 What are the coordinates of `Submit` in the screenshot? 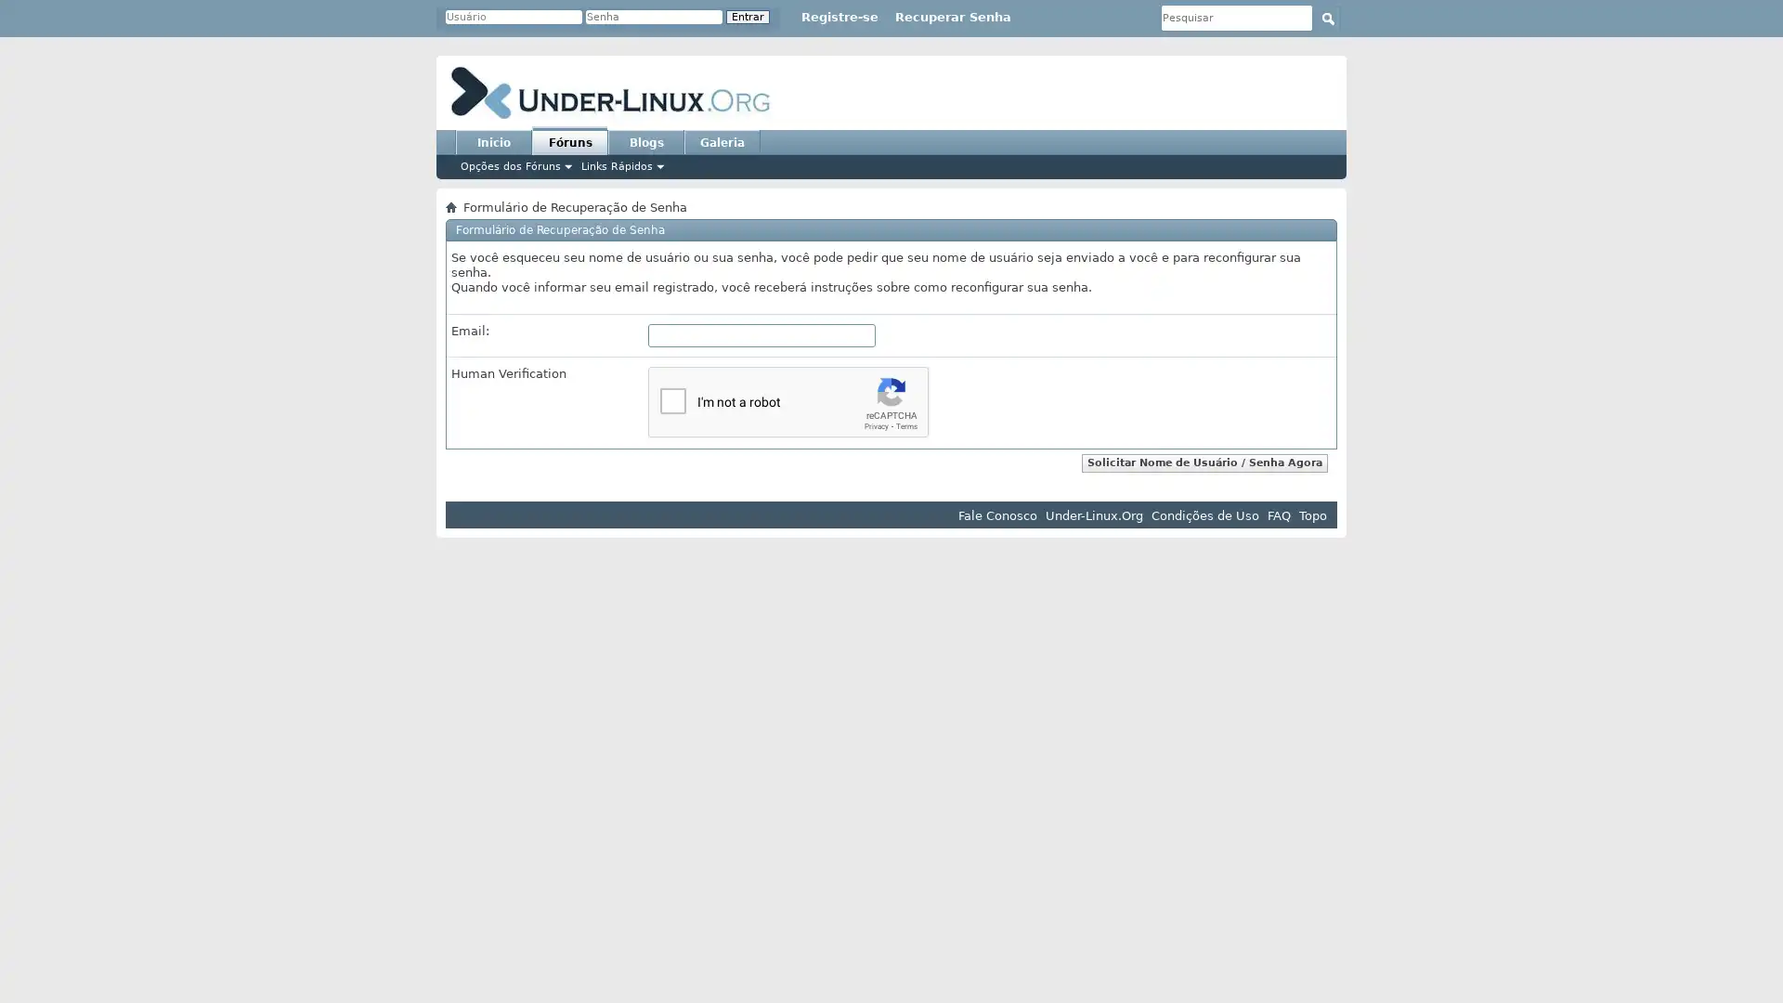 It's located at (1327, 18).